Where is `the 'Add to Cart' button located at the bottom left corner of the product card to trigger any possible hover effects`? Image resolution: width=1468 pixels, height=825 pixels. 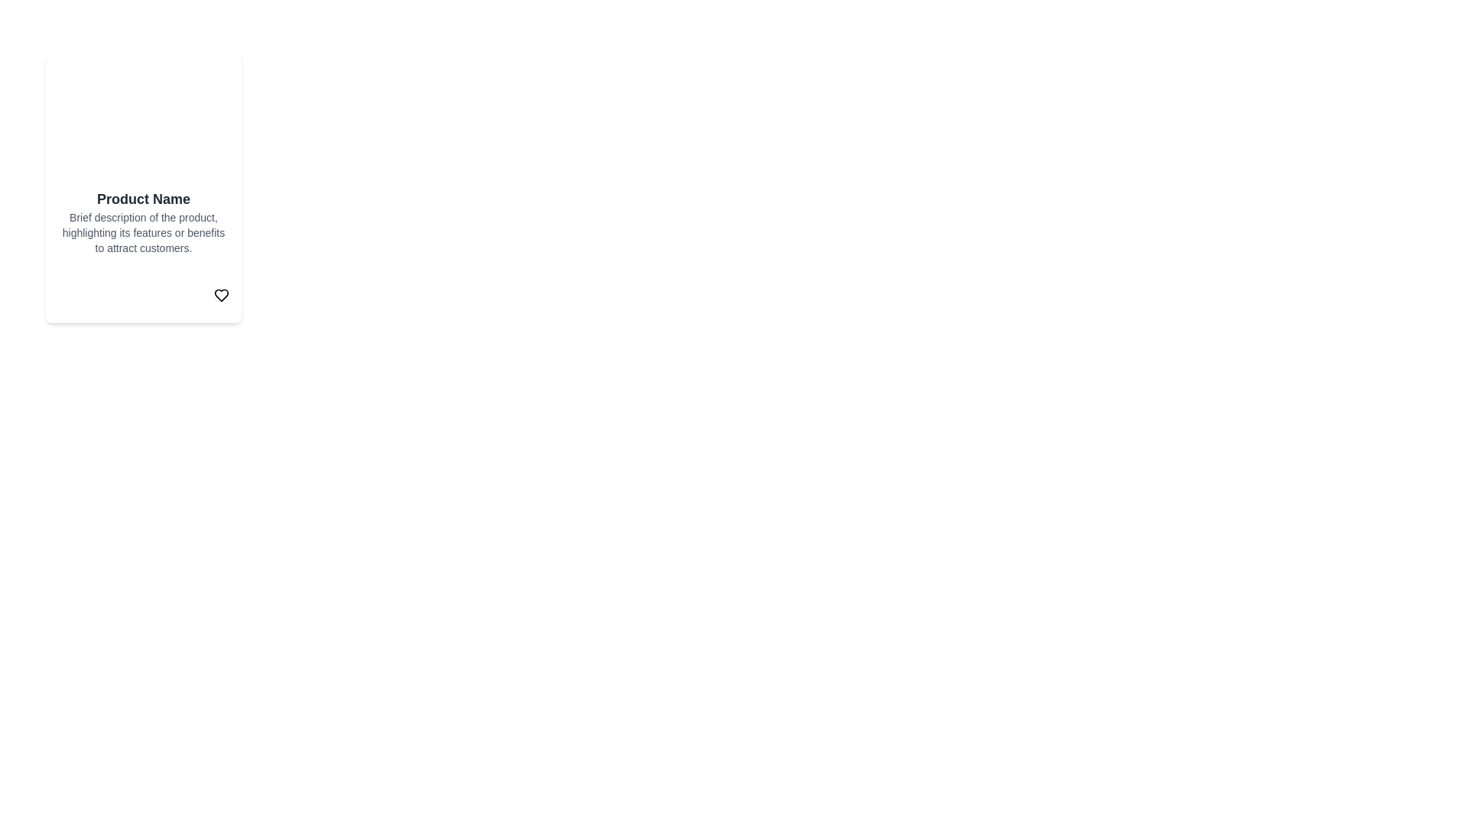 the 'Add to Cart' button located at the bottom left corner of the product card to trigger any possible hover effects is located at coordinates (111, 295).